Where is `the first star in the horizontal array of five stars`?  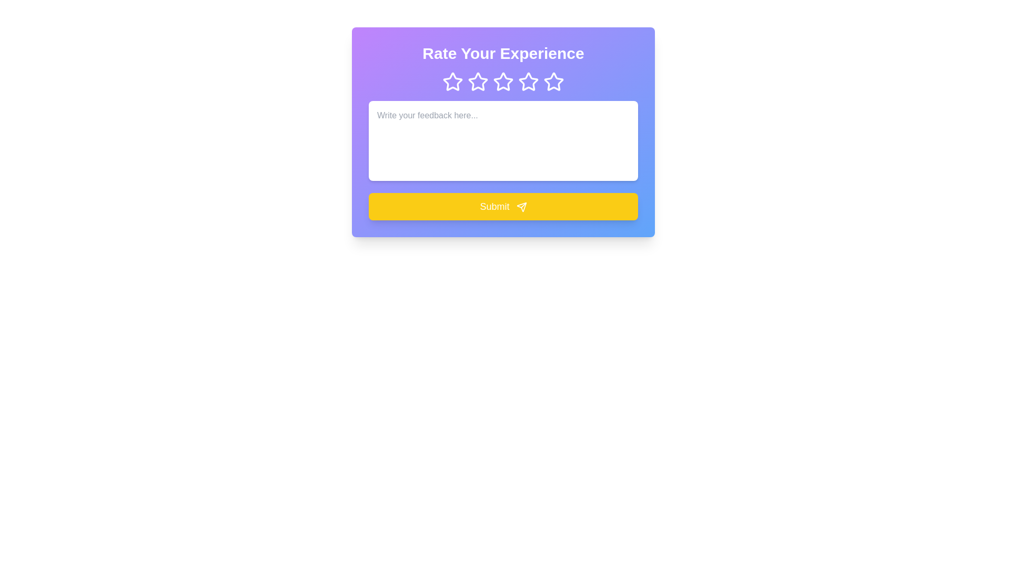 the first star in the horizontal array of five stars is located at coordinates (452, 81).